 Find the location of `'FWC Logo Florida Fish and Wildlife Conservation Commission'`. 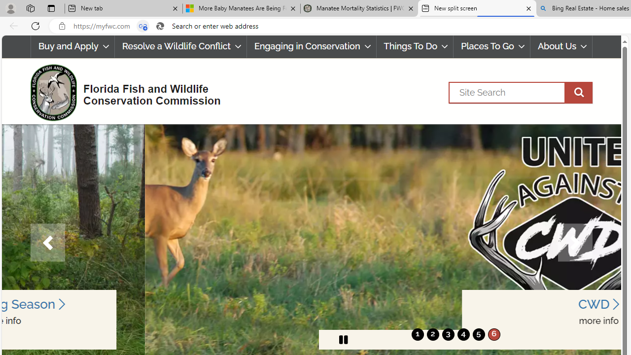

'FWC Logo Florida Fish and Wildlife Conservation Commission' is located at coordinates (121, 91).